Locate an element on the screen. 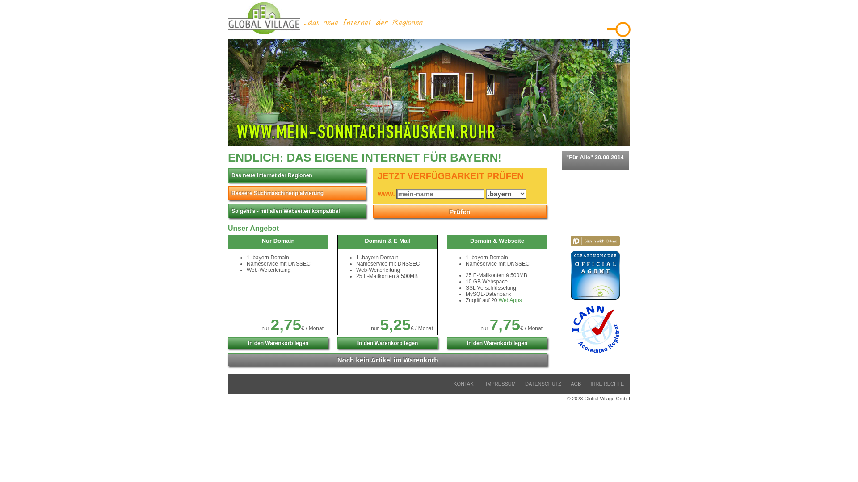 This screenshot has height=482, width=858. 'Noch kein Artikel im Warenkorb' is located at coordinates (387, 359).